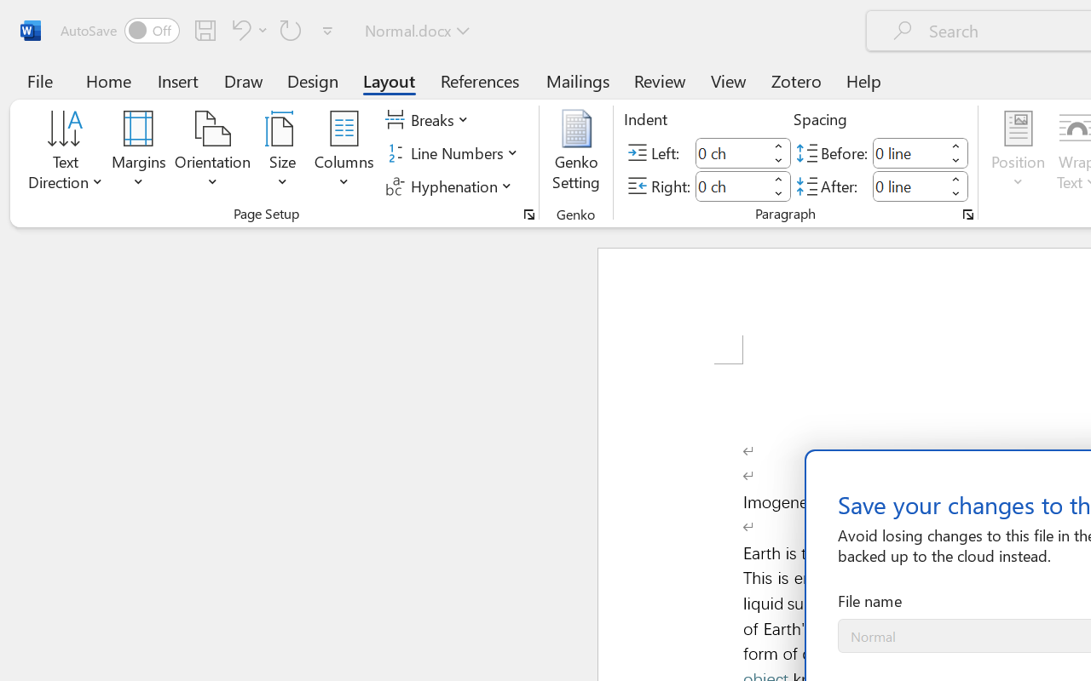  I want to click on 'Paragraph...', so click(968, 214).